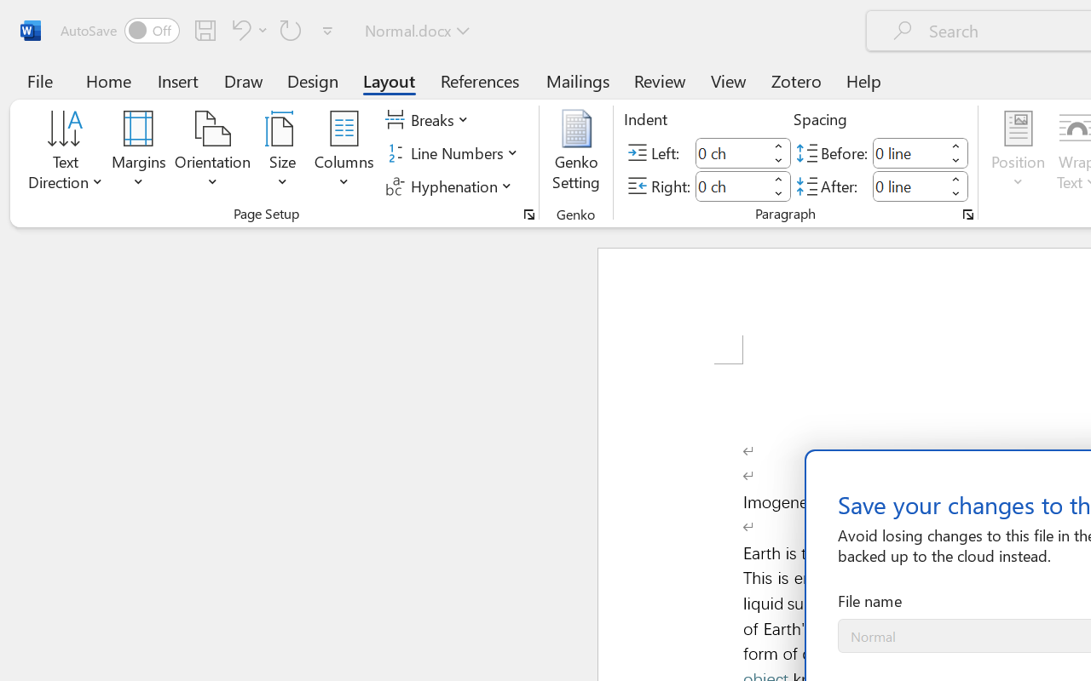  I want to click on 'Paragraph...', so click(968, 214).